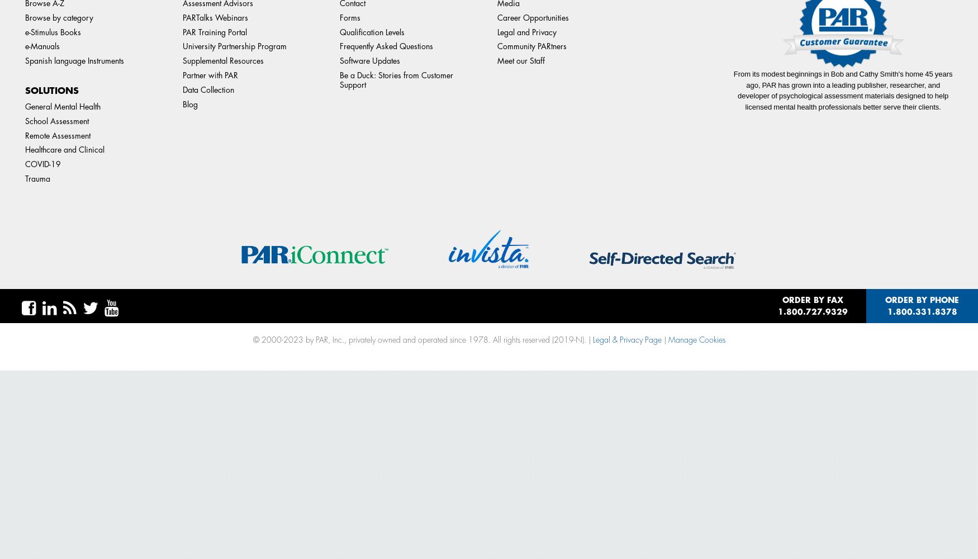  Describe the element at coordinates (496, 46) in the screenshot. I see `'Community PARtners'` at that location.